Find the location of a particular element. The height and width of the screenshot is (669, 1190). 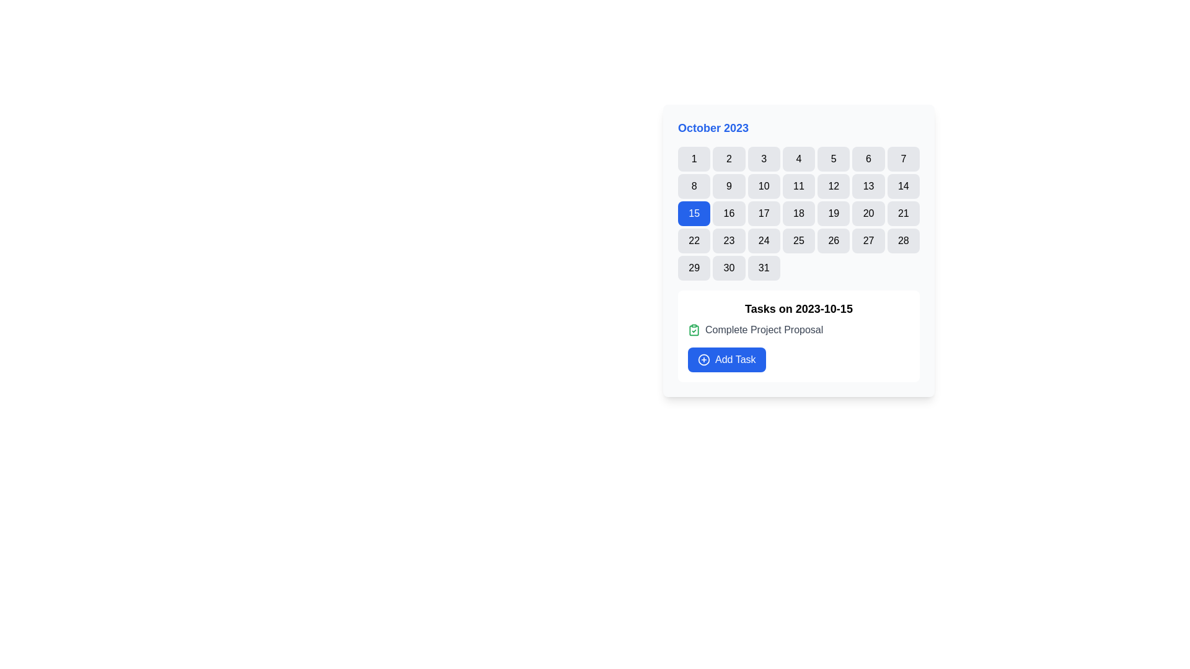

the button labeled '15' with a bold blue background is located at coordinates (694, 212).